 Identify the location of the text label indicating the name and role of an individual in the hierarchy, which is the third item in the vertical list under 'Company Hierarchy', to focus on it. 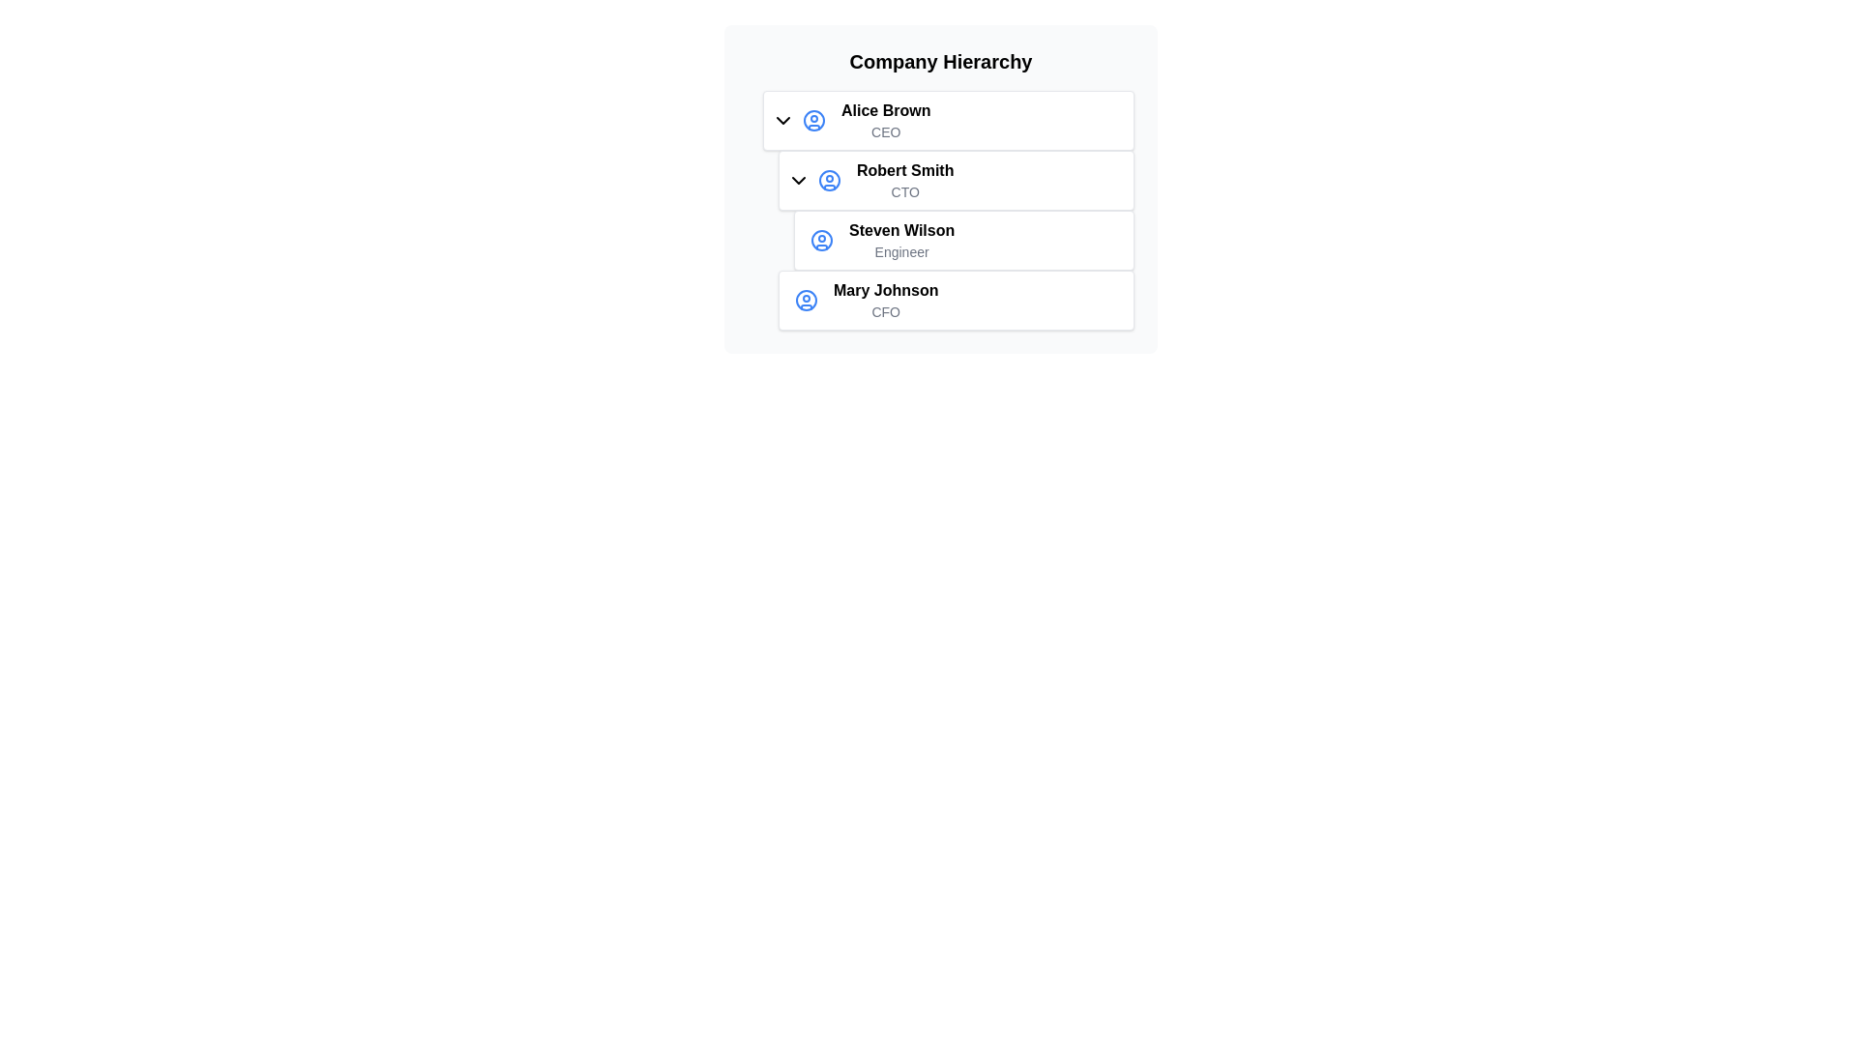
(900, 240).